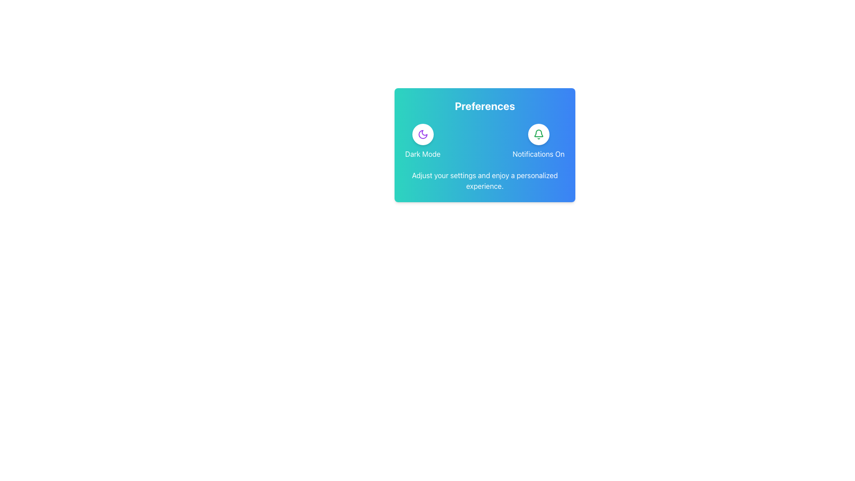 The width and height of the screenshot is (855, 481). I want to click on the dark mode toggle button located in the top-left corner of the 'Dark Mode' section within the preferences card, so click(422, 134).